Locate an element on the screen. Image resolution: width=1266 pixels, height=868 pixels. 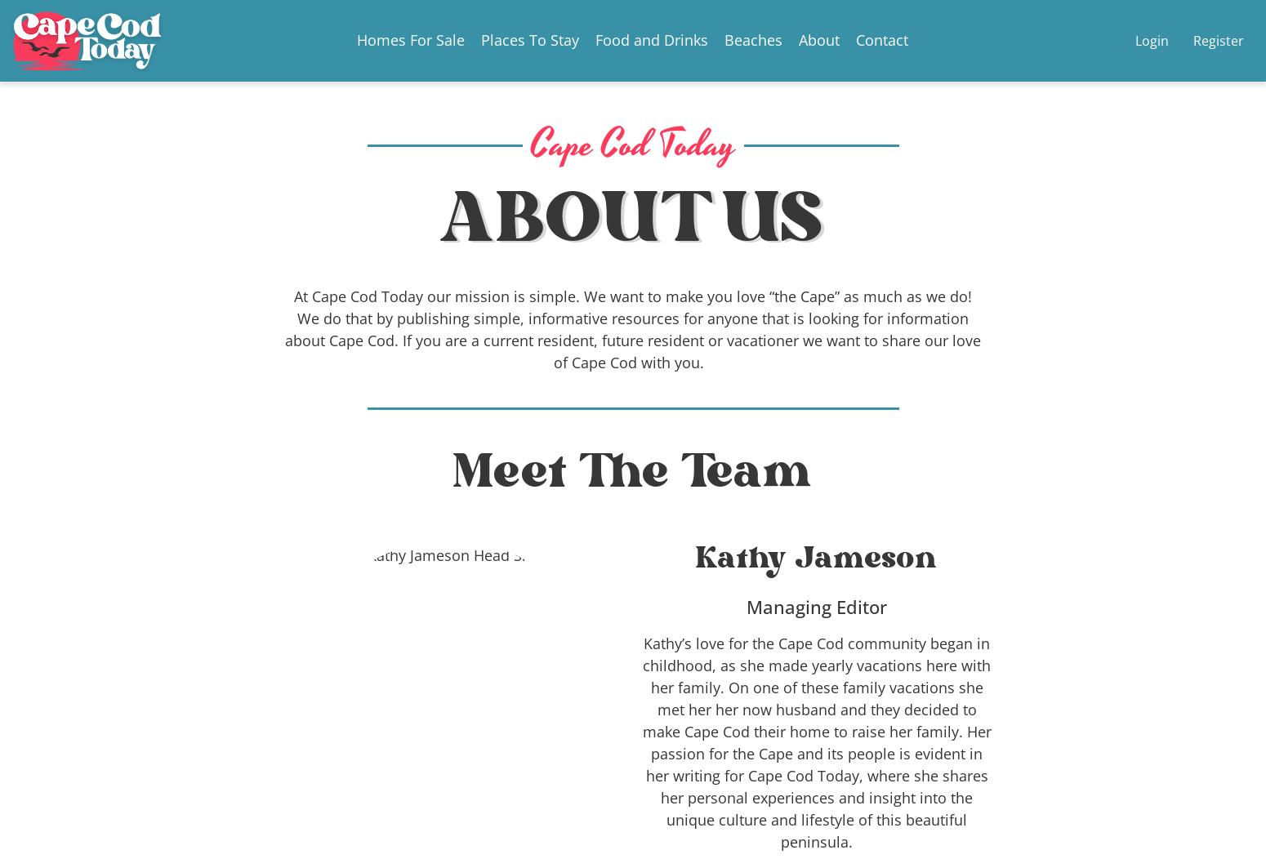
'25 Best Family Resorts in Cape Cod (Complete List)' is located at coordinates (855, 822).